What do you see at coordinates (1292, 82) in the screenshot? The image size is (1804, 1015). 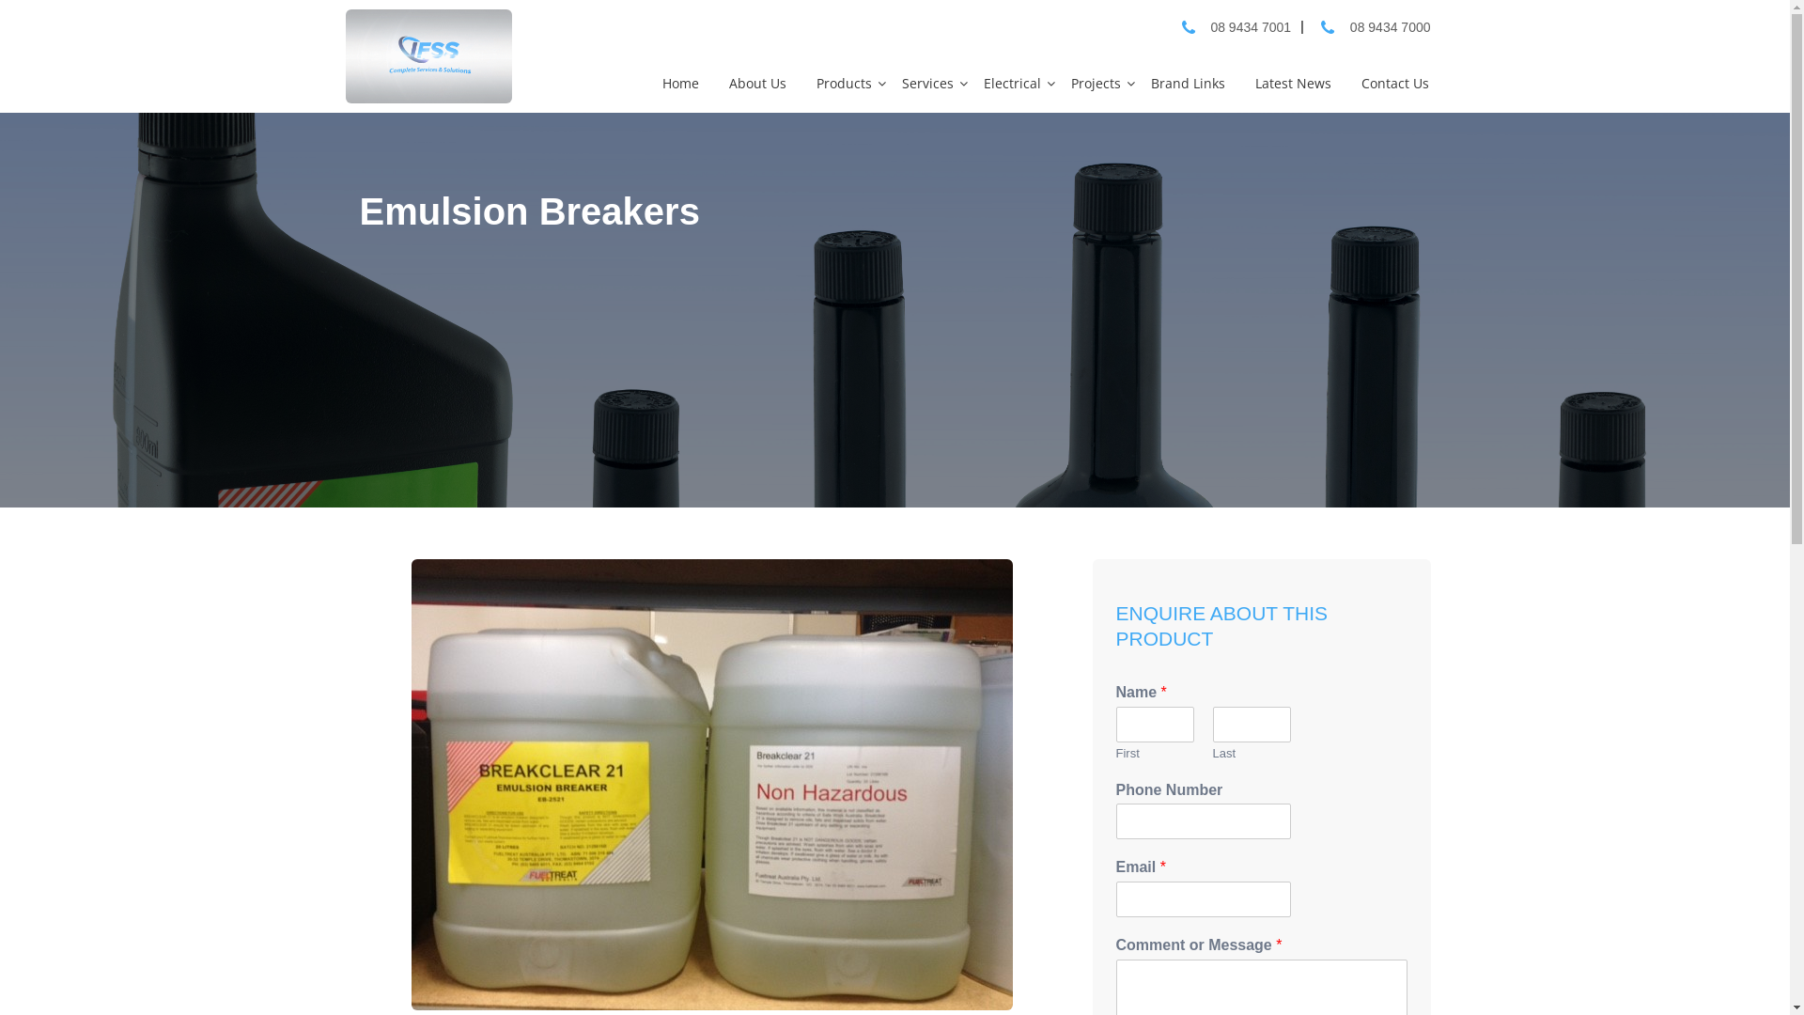 I see `'Latest News'` at bounding box center [1292, 82].